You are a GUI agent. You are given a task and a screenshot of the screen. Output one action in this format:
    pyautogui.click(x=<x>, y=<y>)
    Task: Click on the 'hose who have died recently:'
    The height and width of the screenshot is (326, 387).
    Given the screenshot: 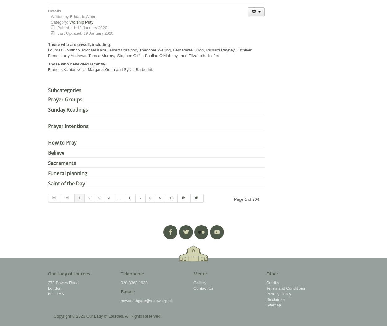 What is the action you would take?
    pyautogui.click(x=50, y=64)
    